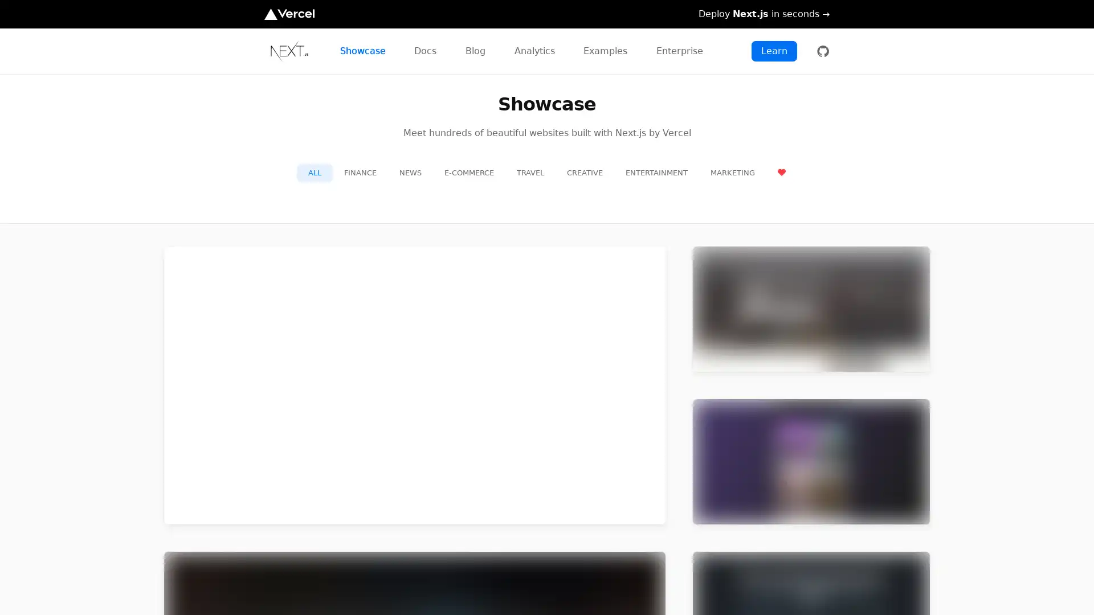 Image resolution: width=1094 pixels, height=615 pixels. What do you see at coordinates (414, 384) in the screenshot?
I see `preview for TikTok TikTok https://m.tiktok.com` at bounding box center [414, 384].